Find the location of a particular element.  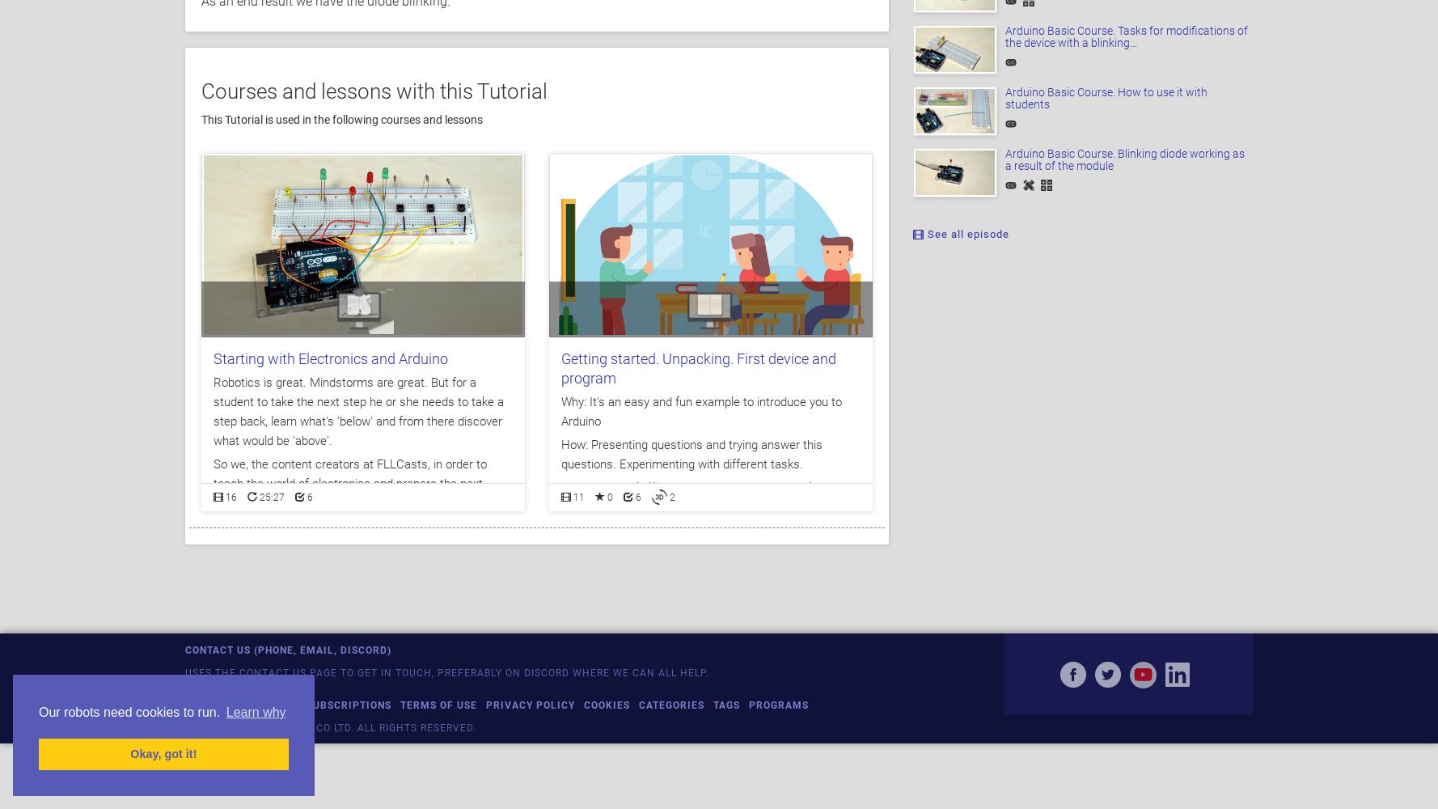

'Subscriptions' is located at coordinates (349, 704).